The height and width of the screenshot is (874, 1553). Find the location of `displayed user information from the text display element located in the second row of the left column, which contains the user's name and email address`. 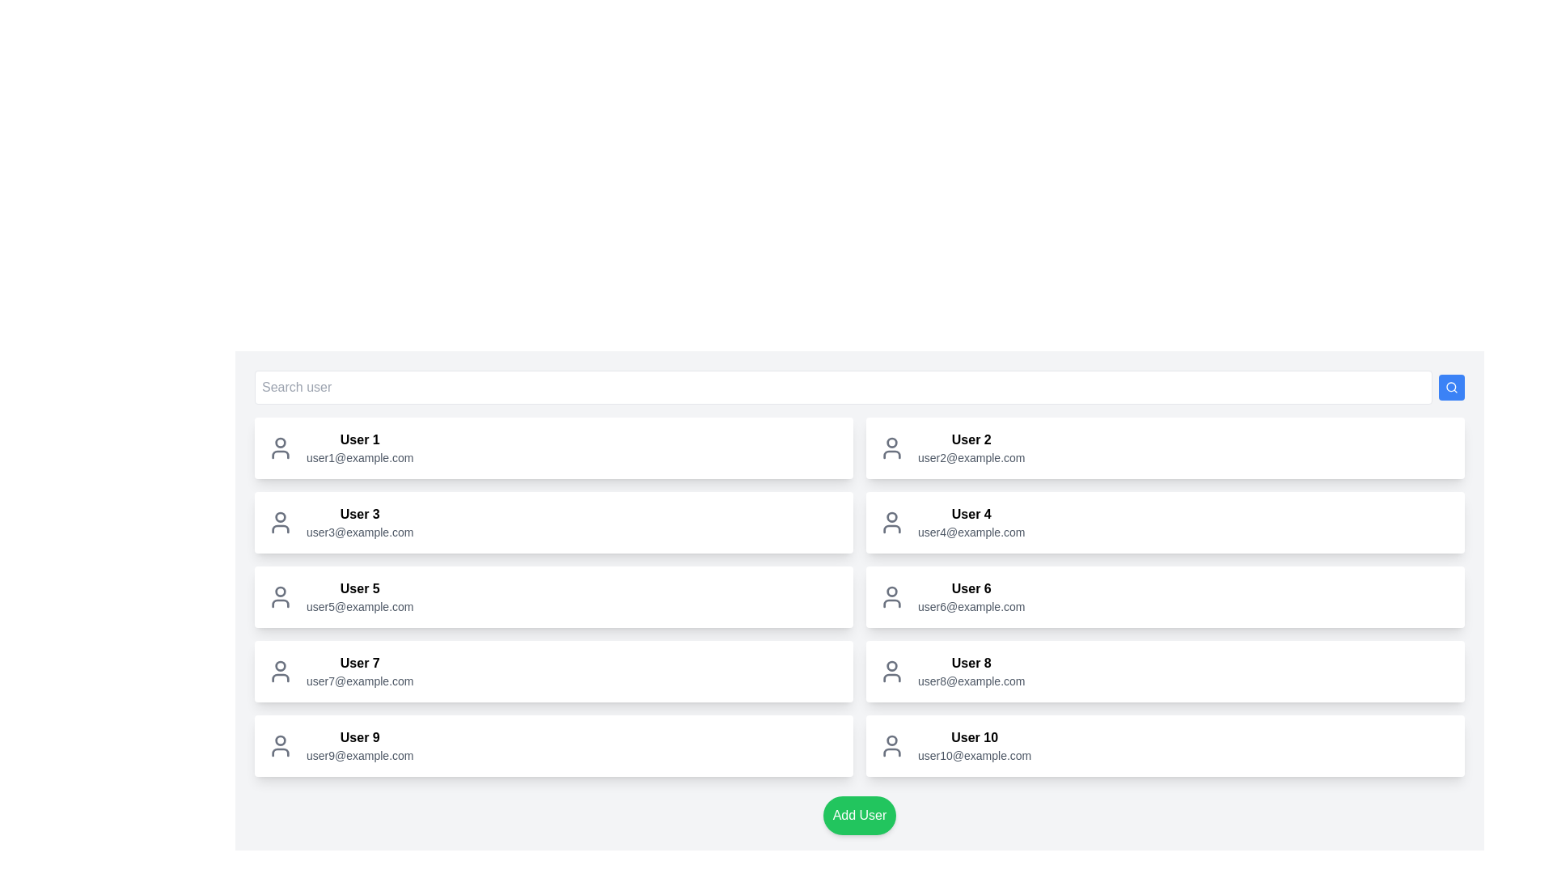

displayed user information from the text display element located in the second row of the left column, which contains the user's name and email address is located at coordinates (359, 522).